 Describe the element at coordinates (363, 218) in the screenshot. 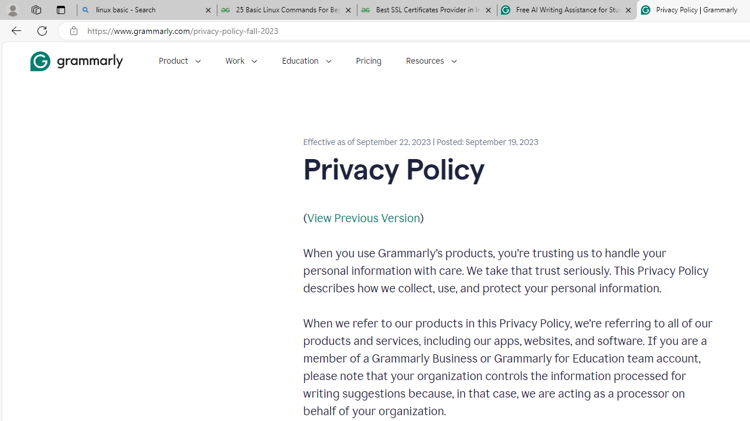

I see `'View Previous Version'` at that location.